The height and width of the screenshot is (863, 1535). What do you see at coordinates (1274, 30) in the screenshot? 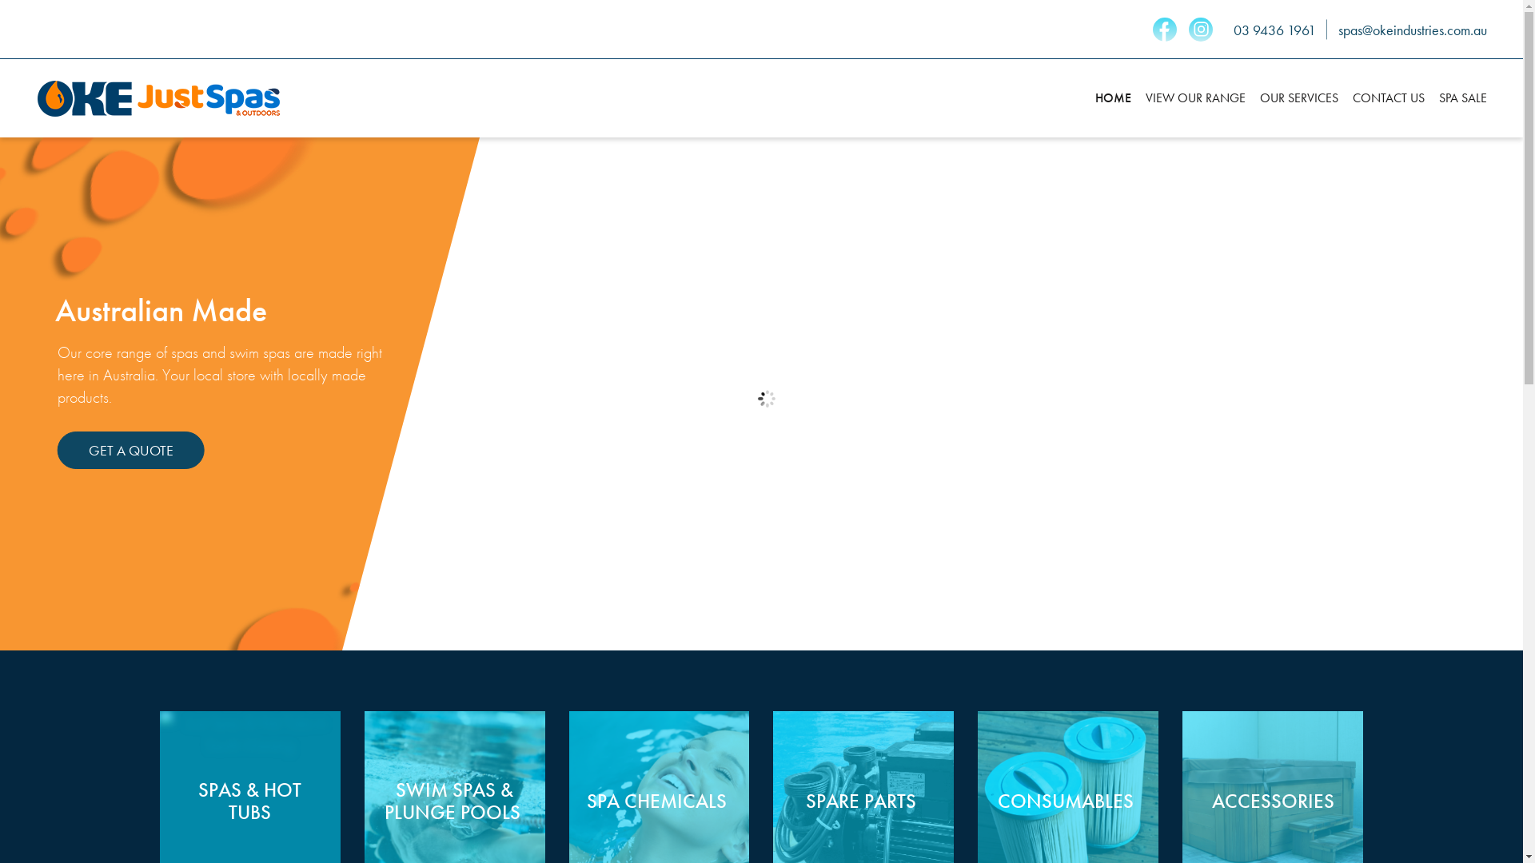
I see `'03 9436 1961'` at bounding box center [1274, 30].